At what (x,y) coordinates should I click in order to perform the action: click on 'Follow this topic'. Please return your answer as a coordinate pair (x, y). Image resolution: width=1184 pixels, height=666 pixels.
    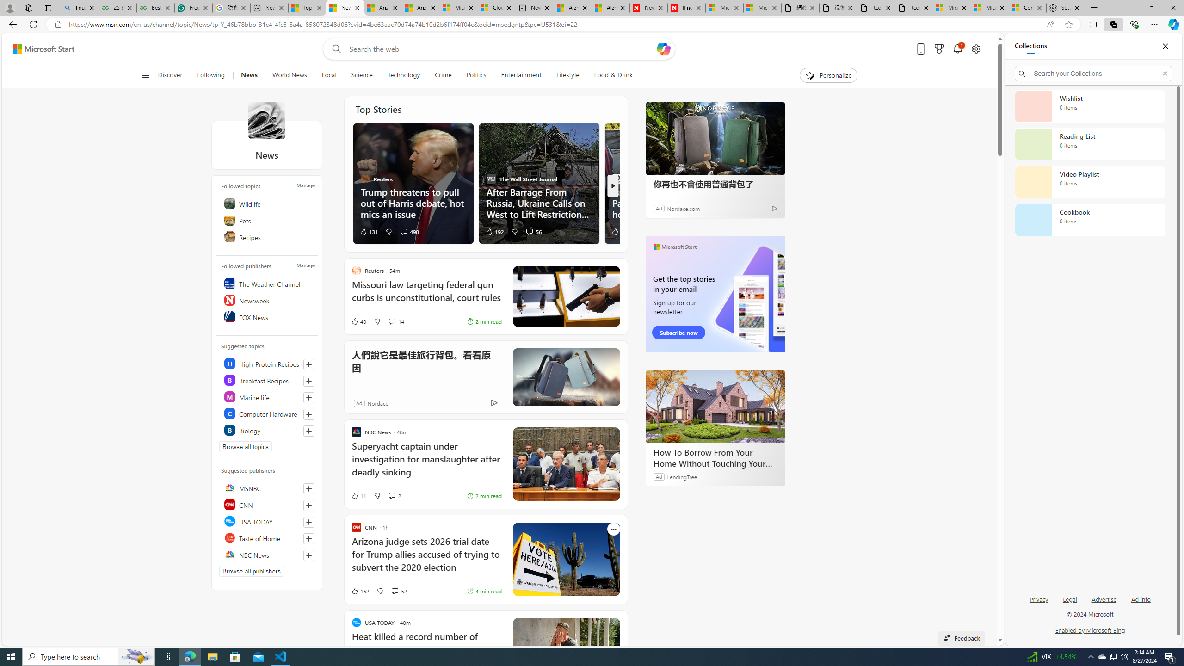
    Looking at the image, I should click on (309, 430).